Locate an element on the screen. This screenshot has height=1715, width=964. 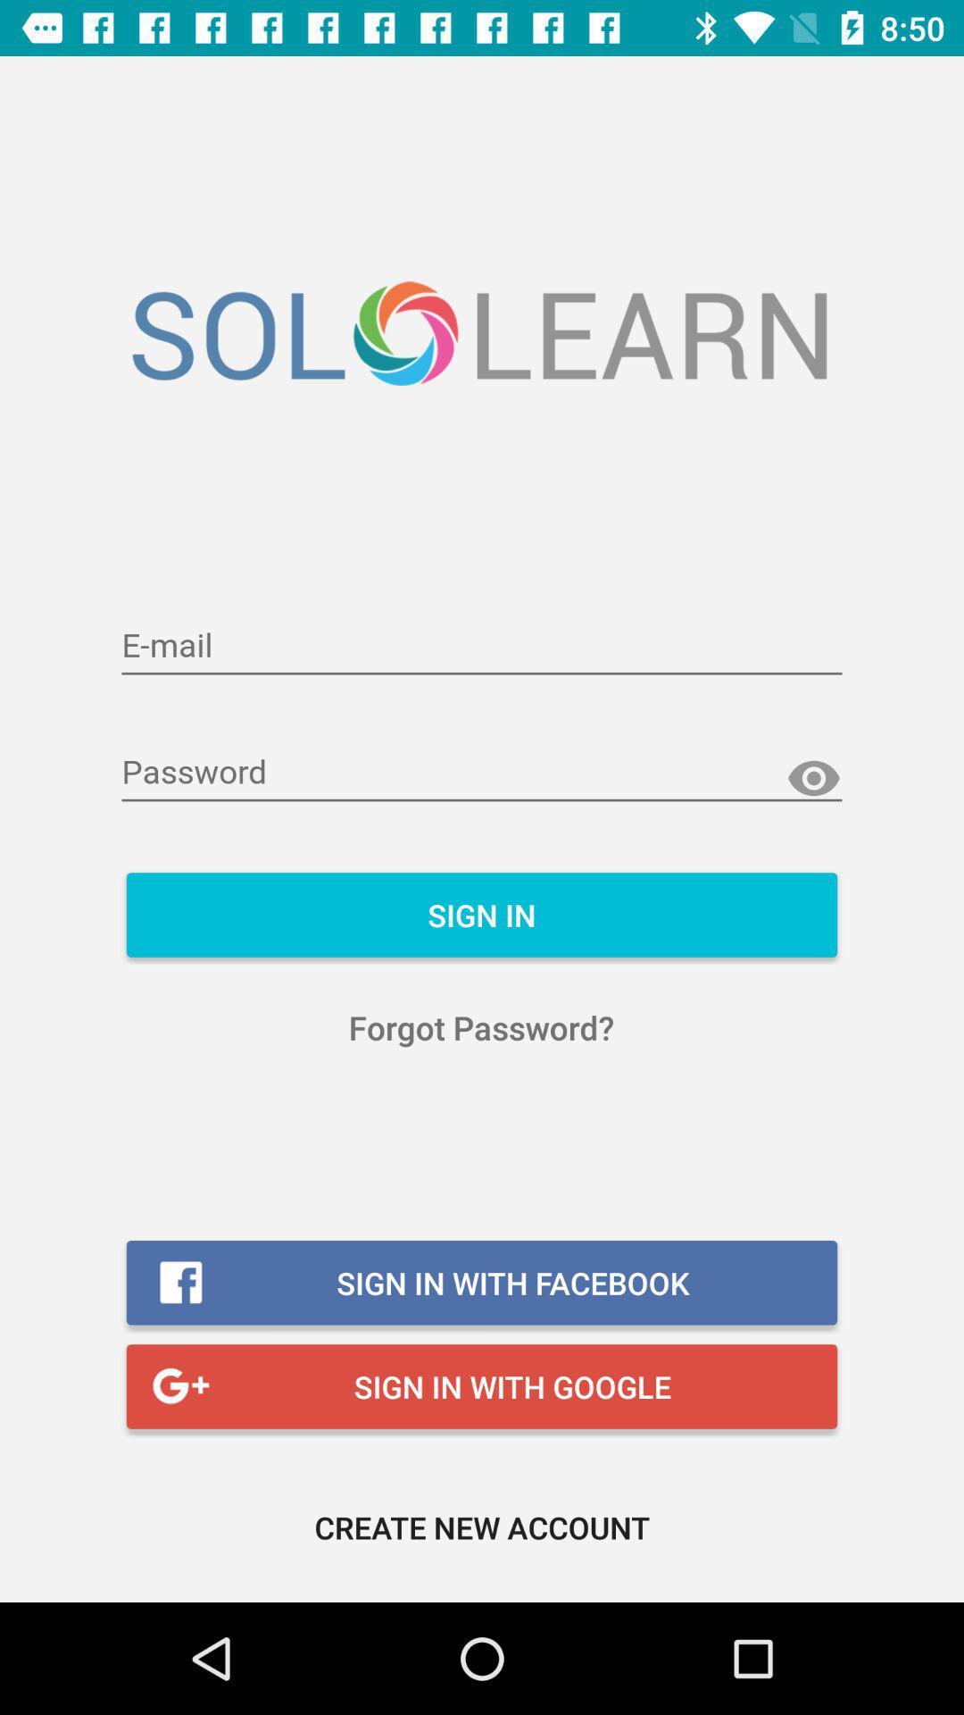
reveal password is located at coordinates (813, 779).